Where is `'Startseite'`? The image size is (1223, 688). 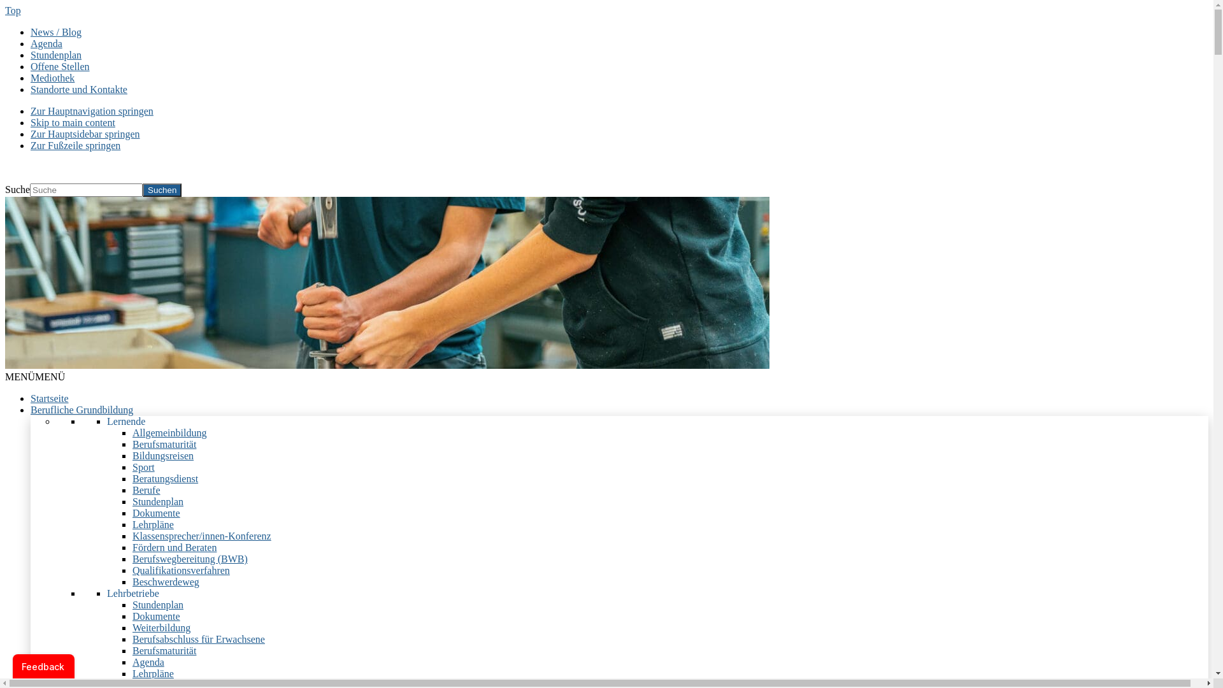 'Startseite' is located at coordinates (31, 398).